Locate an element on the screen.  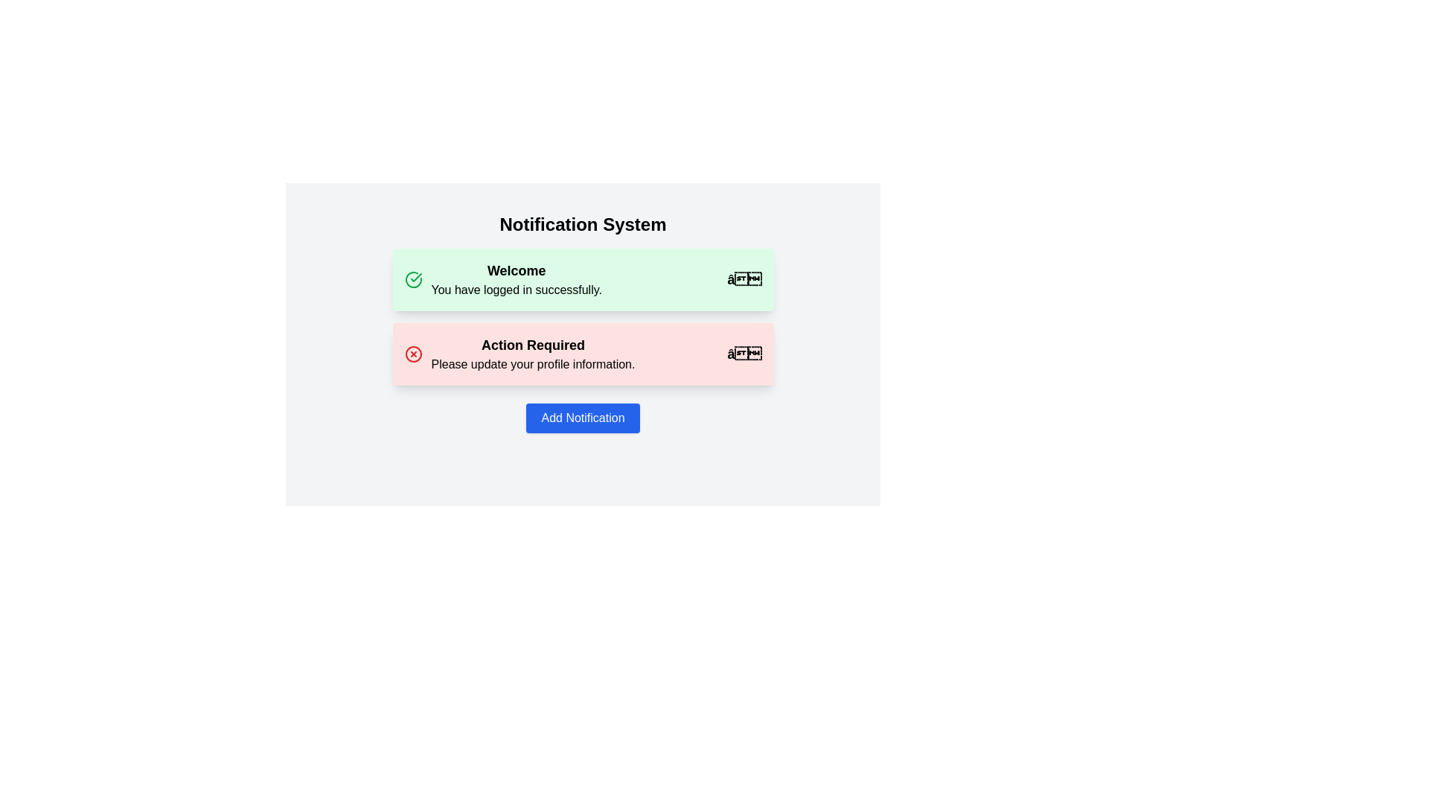
the greeting header text element that indicates successful login, which is located above the message 'You have logged in successfully' in the green notification bar is located at coordinates (517, 270).